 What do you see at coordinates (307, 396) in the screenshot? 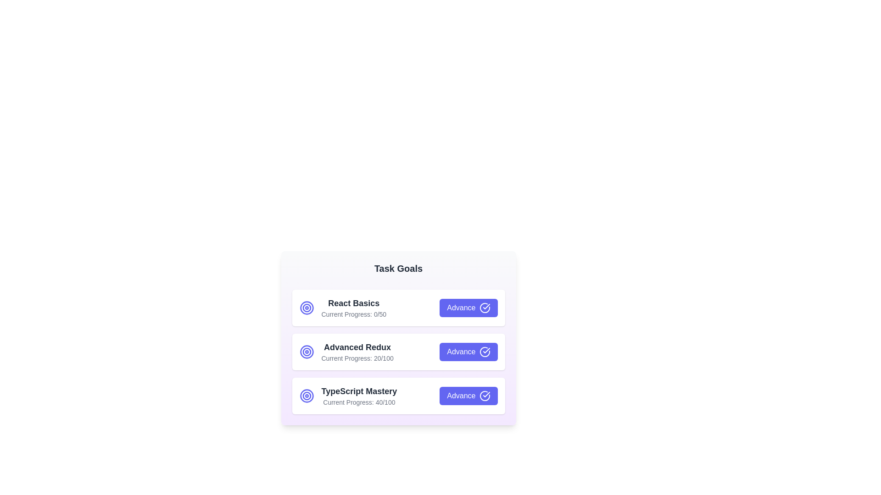
I see `the outermost circle of the target icon associated with the 'React Basics' task goal, which is styled in a vibrant blue color scheme` at bounding box center [307, 396].